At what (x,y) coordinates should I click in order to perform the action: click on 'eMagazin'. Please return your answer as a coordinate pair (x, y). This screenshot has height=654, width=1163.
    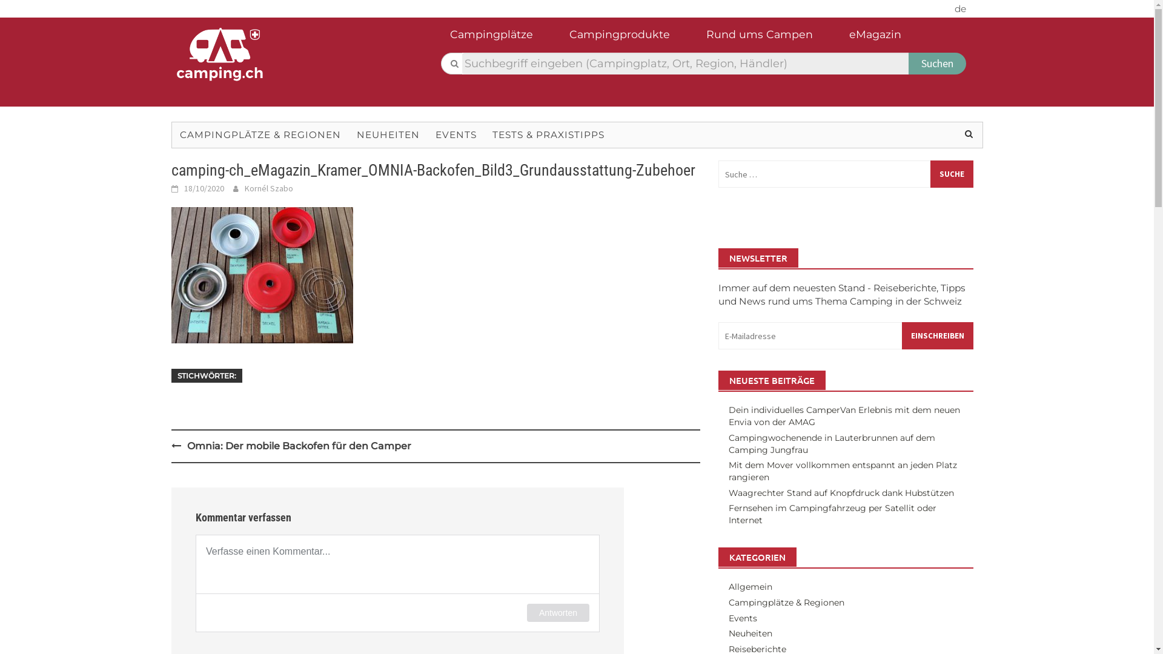
    Looking at the image, I should click on (887, 38).